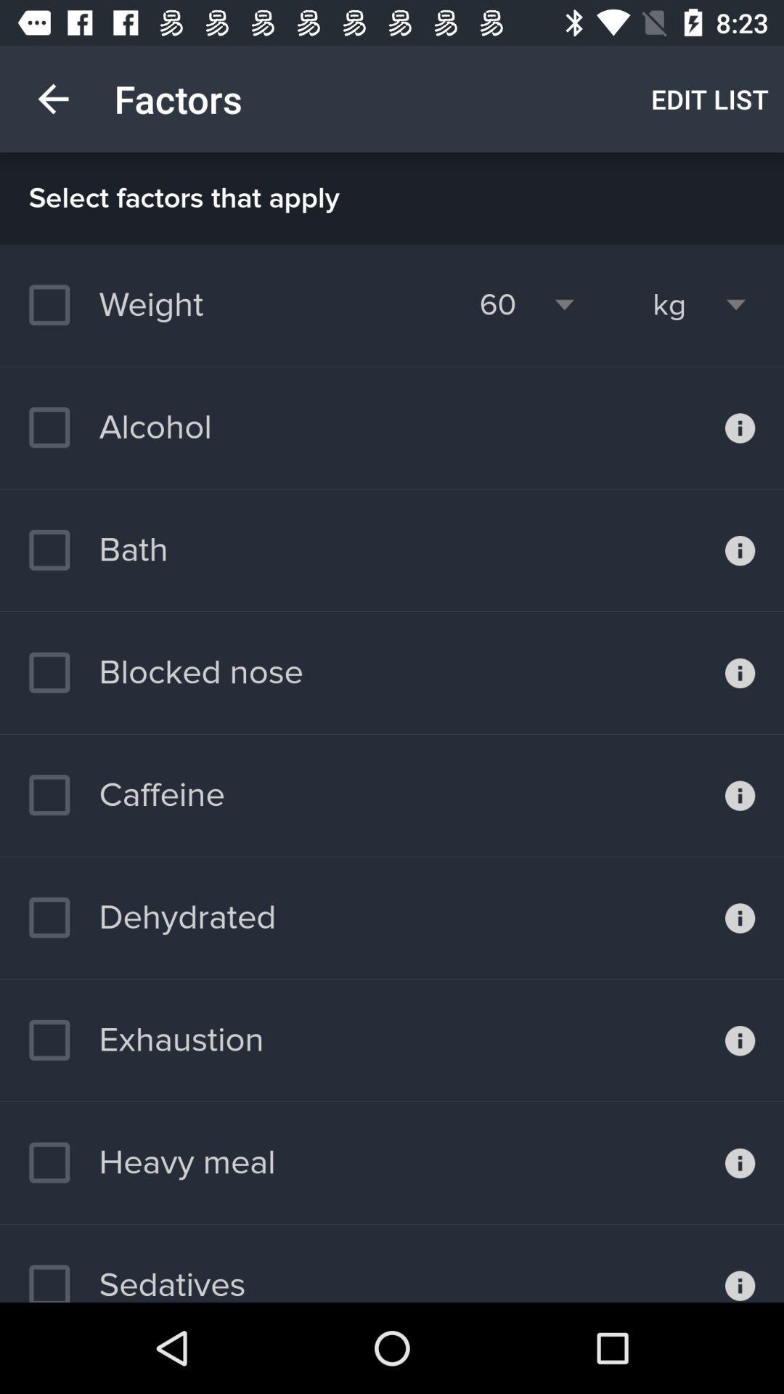  What do you see at coordinates (669, 304) in the screenshot?
I see `icon next to 60 icon` at bounding box center [669, 304].